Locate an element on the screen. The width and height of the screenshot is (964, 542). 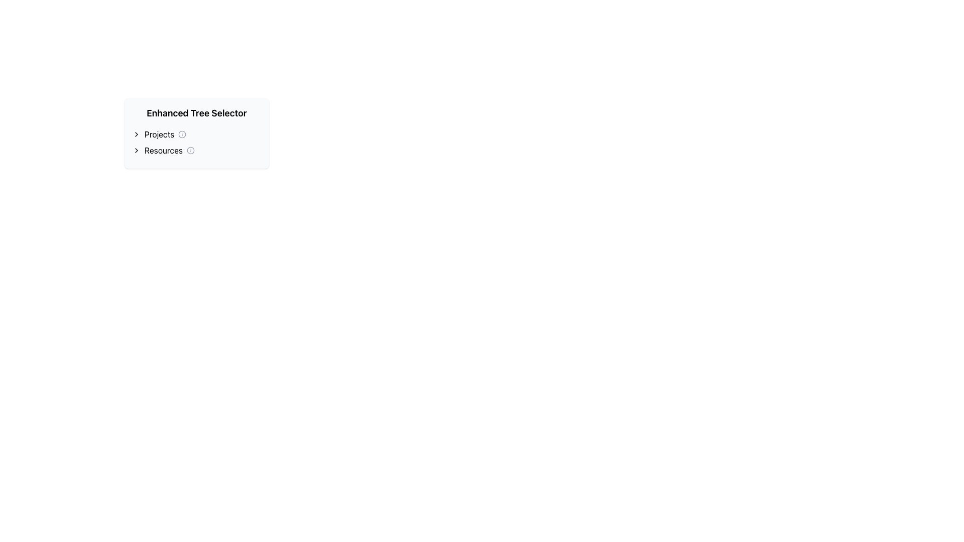
the text element that serves as a label or identifier for a section, located below the 'Projects' option and to the left-center of the interface is located at coordinates (164, 151).